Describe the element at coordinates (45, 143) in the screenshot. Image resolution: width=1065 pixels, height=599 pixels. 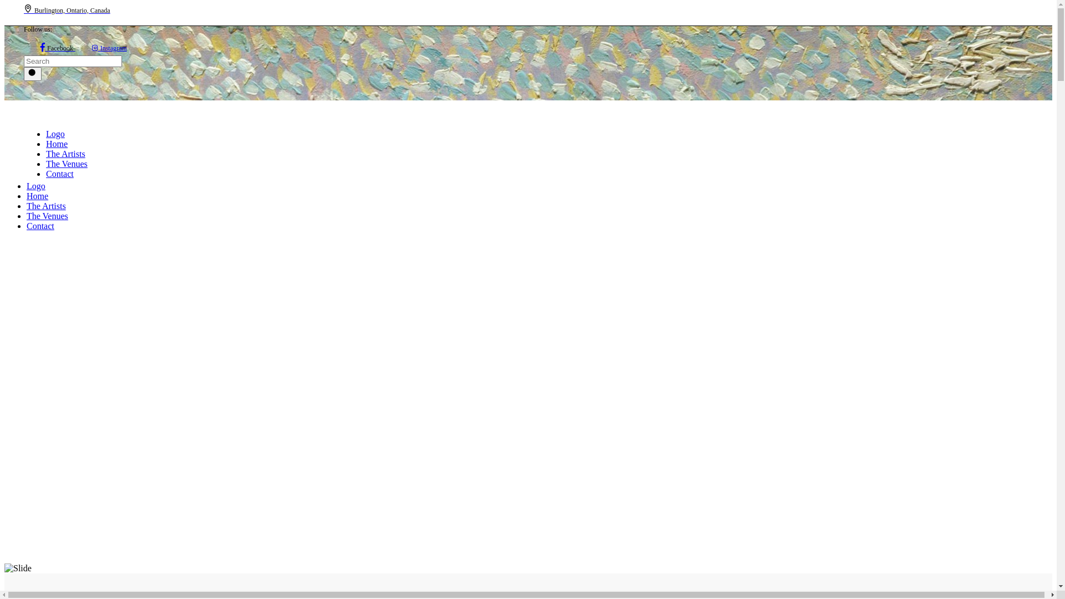
I see `'Home'` at that location.